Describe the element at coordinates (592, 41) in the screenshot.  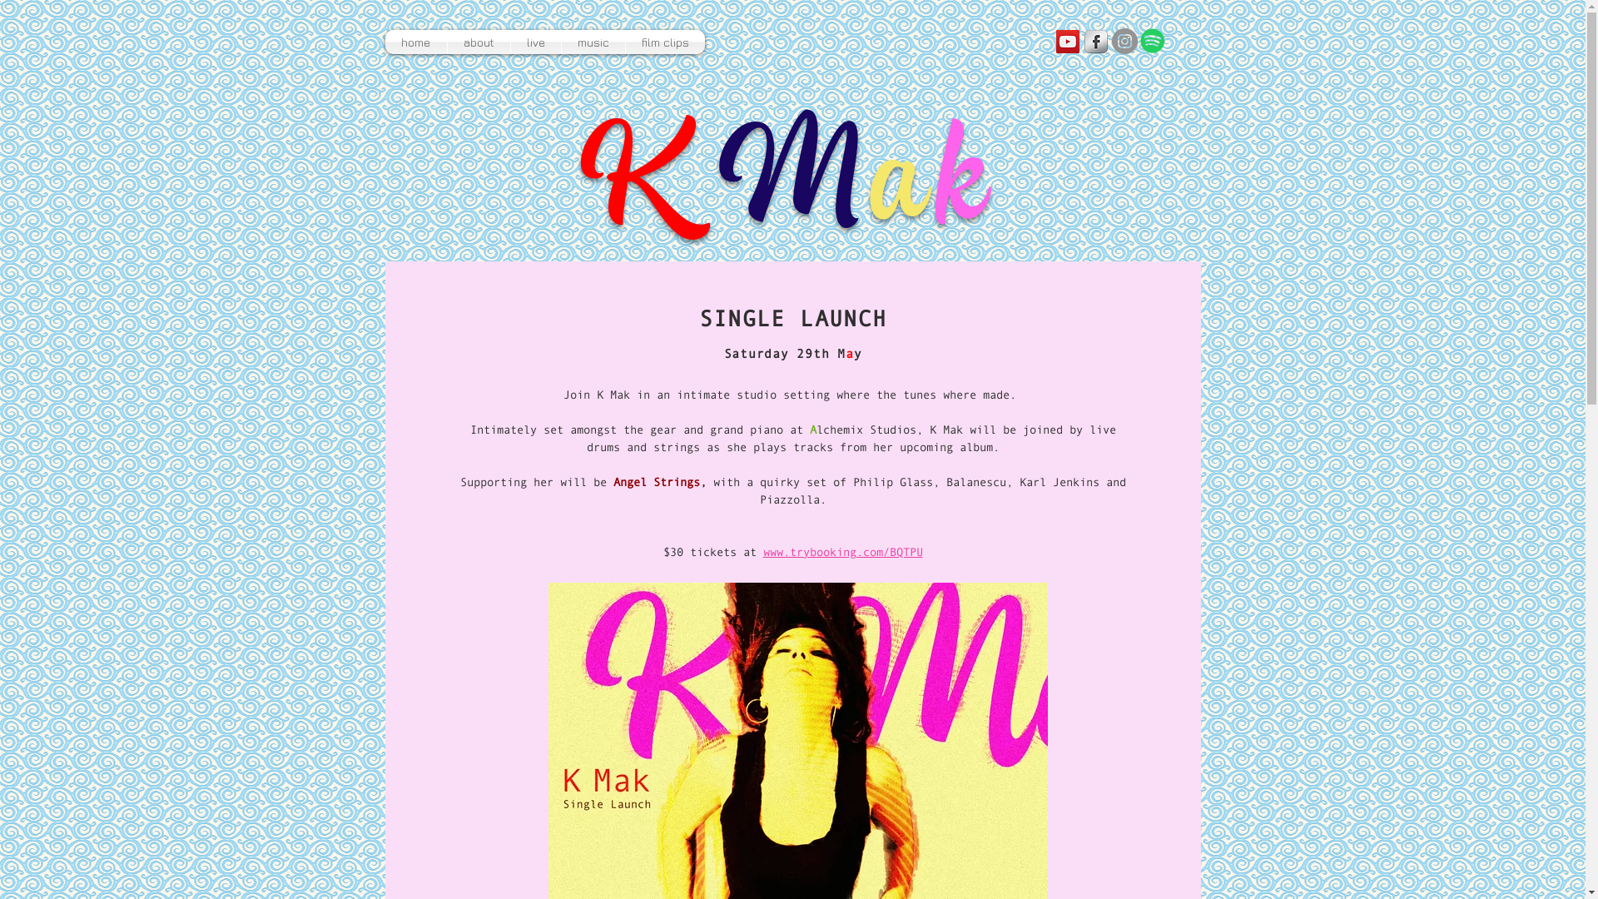
I see `'music'` at that location.